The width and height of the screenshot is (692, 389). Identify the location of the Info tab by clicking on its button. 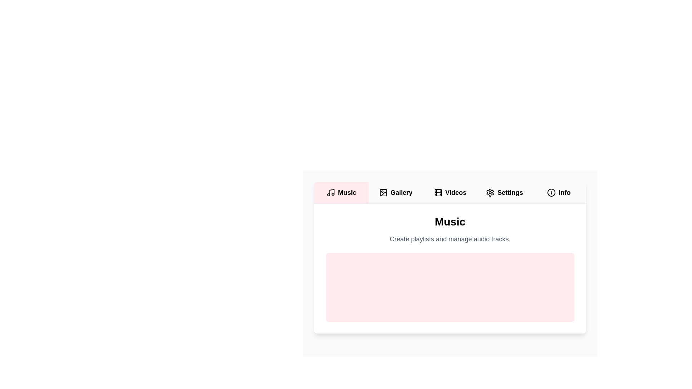
(558, 192).